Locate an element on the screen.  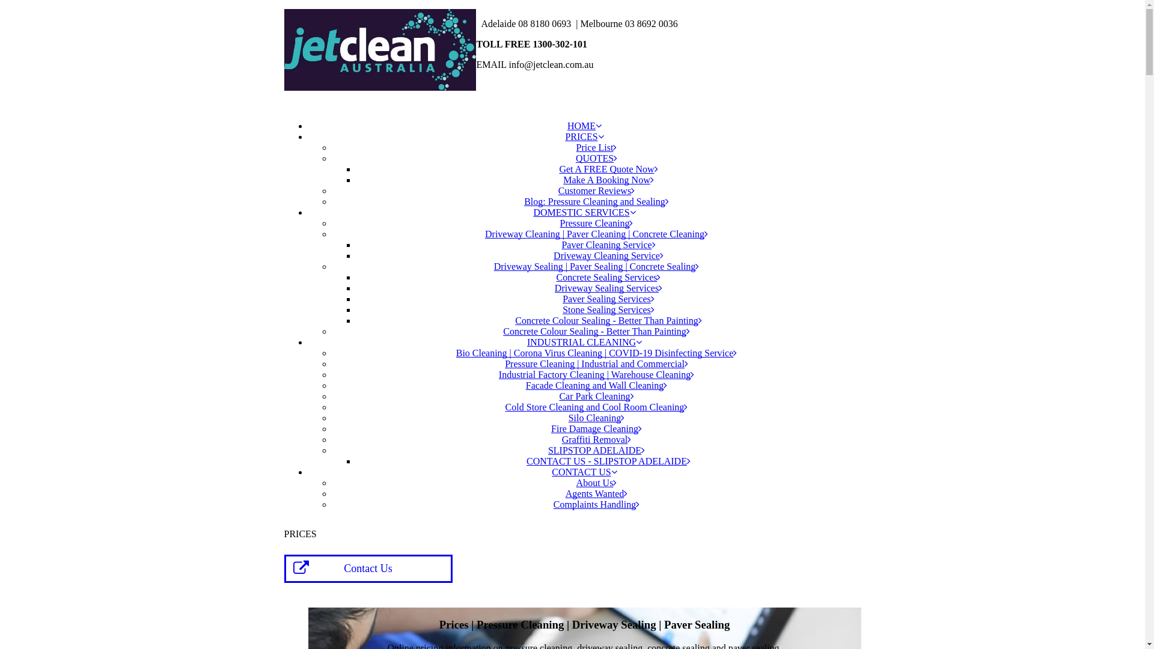
'Driveway Cleaning Service' is located at coordinates (608, 255).